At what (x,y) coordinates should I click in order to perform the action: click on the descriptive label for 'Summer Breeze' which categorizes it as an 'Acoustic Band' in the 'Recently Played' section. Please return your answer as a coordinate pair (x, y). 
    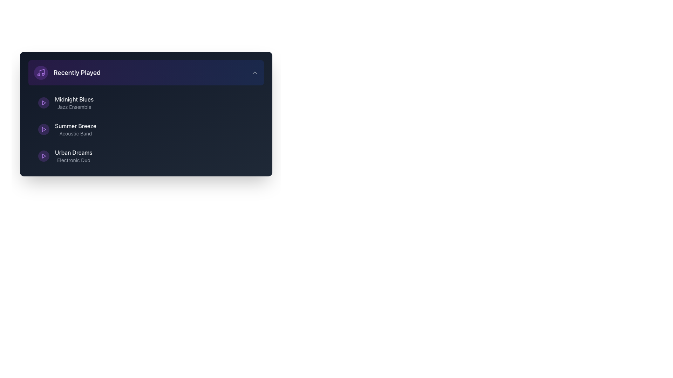
    Looking at the image, I should click on (75, 133).